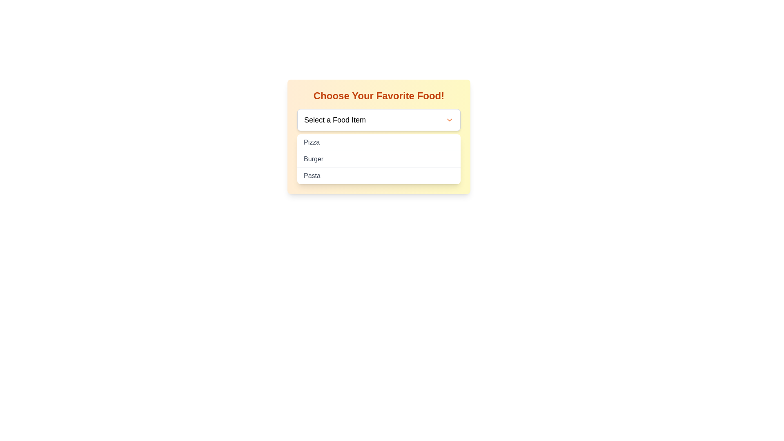  Describe the element at coordinates (313, 159) in the screenshot. I see `the text label displaying 'Burger' in the selectable list` at that location.